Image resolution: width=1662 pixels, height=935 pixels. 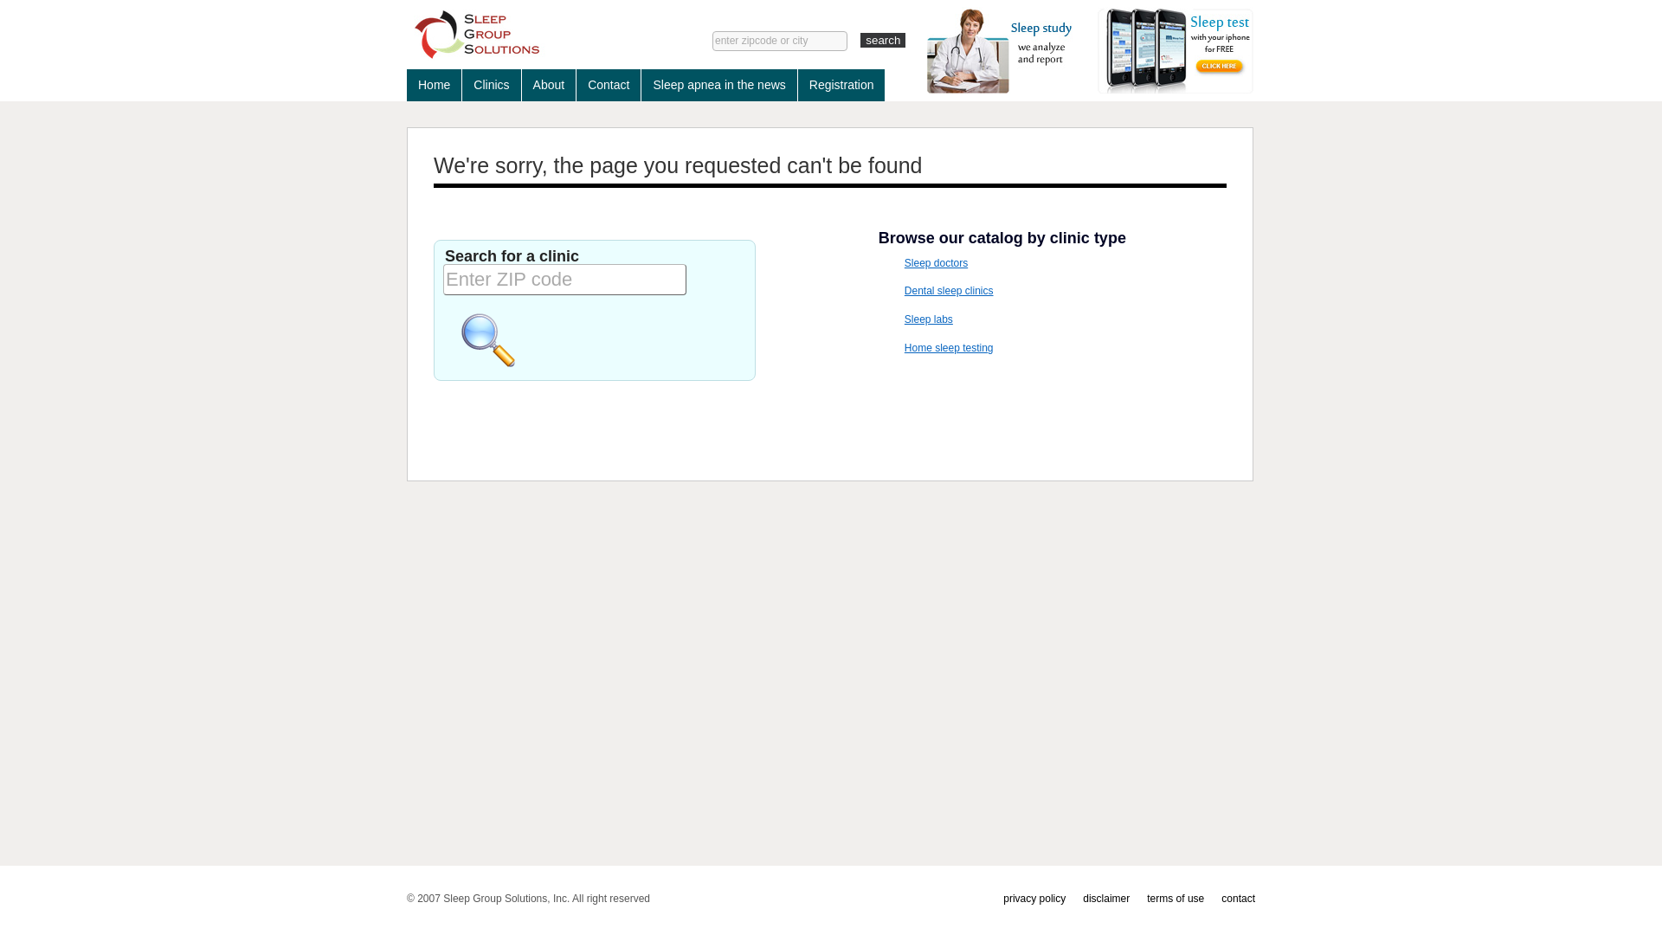 I want to click on 'Sleep apnea in the news', so click(x=718, y=85).